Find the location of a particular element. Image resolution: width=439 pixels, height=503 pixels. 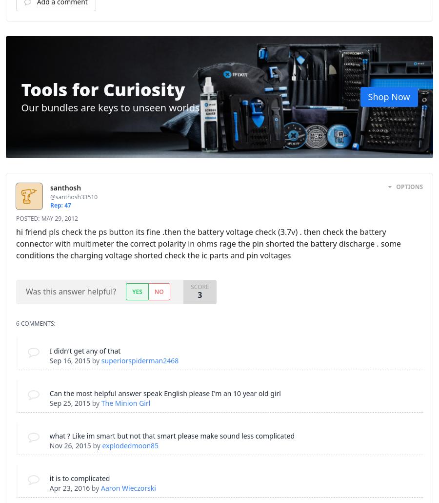

'The  Minion Girl' is located at coordinates (101, 402).